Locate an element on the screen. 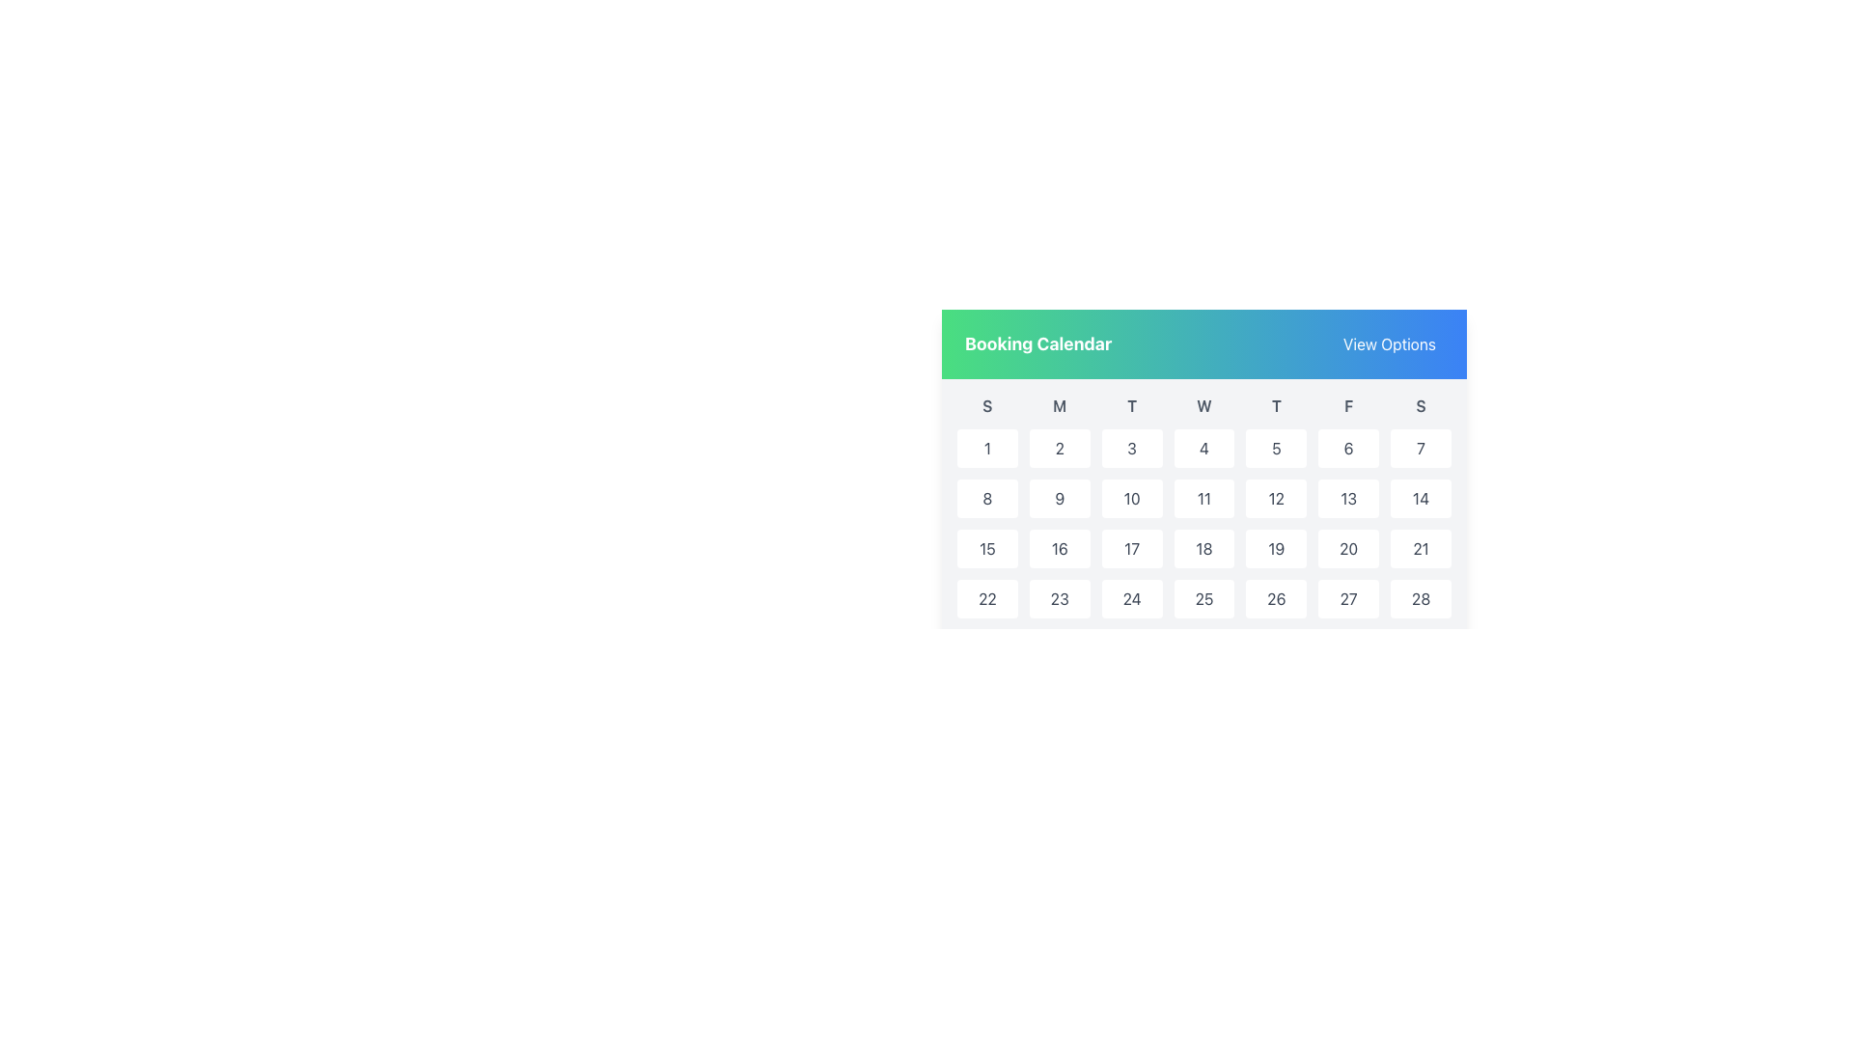 Image resolution: width=1853 pixels, height=1042 pixels. the static text label for the Wednesday column in the calendar layout, which is positioned between 'T' and the second 'T' is located at coordinates (1203, 404).